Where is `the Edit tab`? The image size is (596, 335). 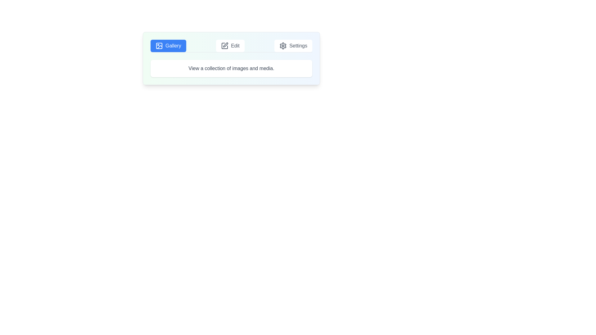
the Edit tab is located at coordinates (230, 45).